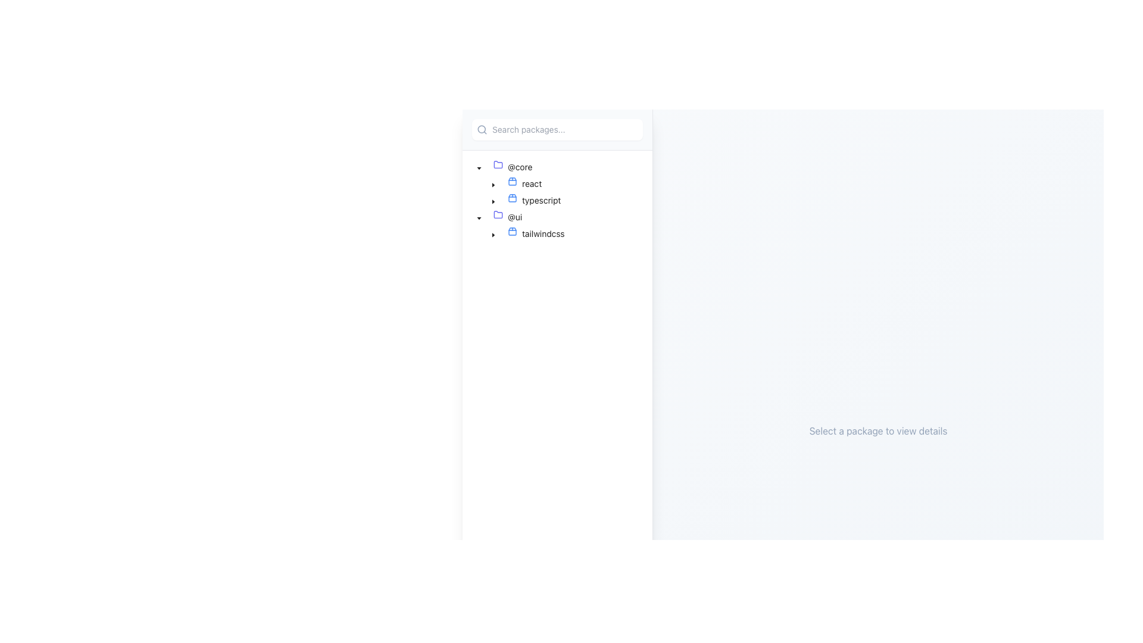  Describe the element at coordinates (504, 167) in the screenshot. I see `the first Tree item in the hierarchical tree menu` at that location.